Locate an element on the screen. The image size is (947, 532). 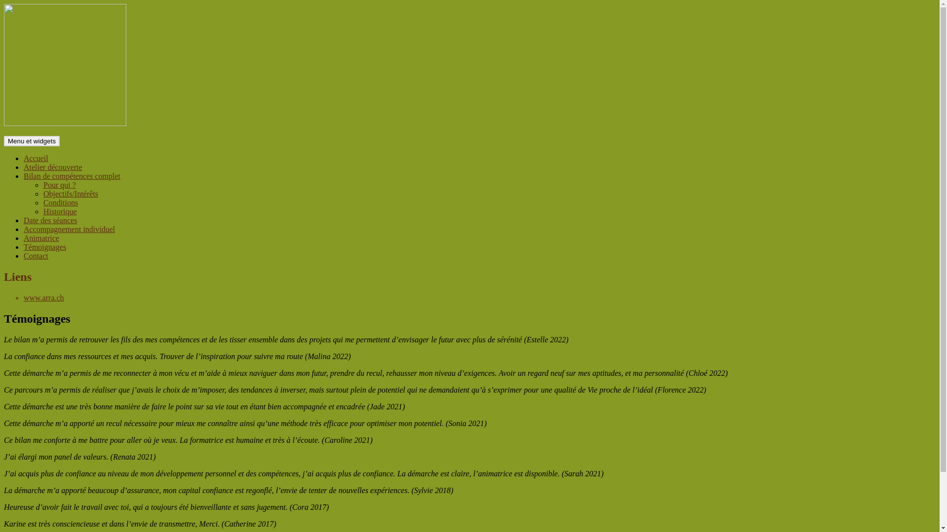
'Animatrice' is located at coordinates (24, 238).